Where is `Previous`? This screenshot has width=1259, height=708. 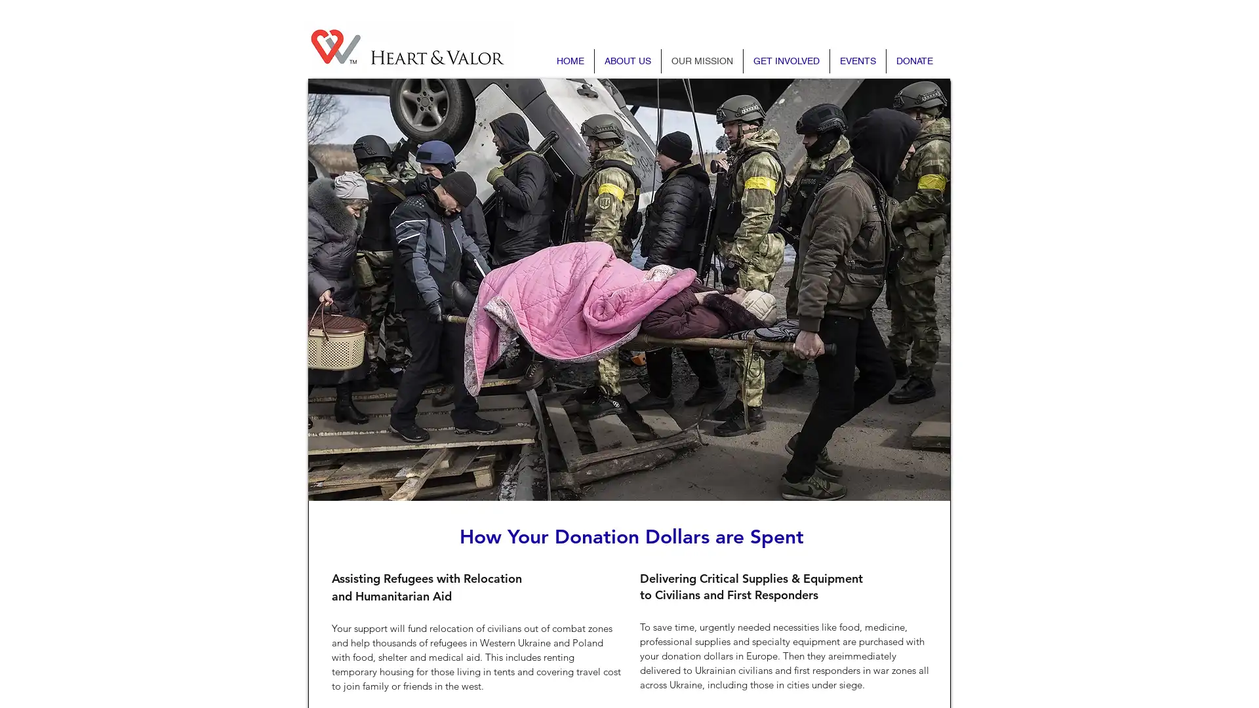
Previous is located at coordinates (355, 288).